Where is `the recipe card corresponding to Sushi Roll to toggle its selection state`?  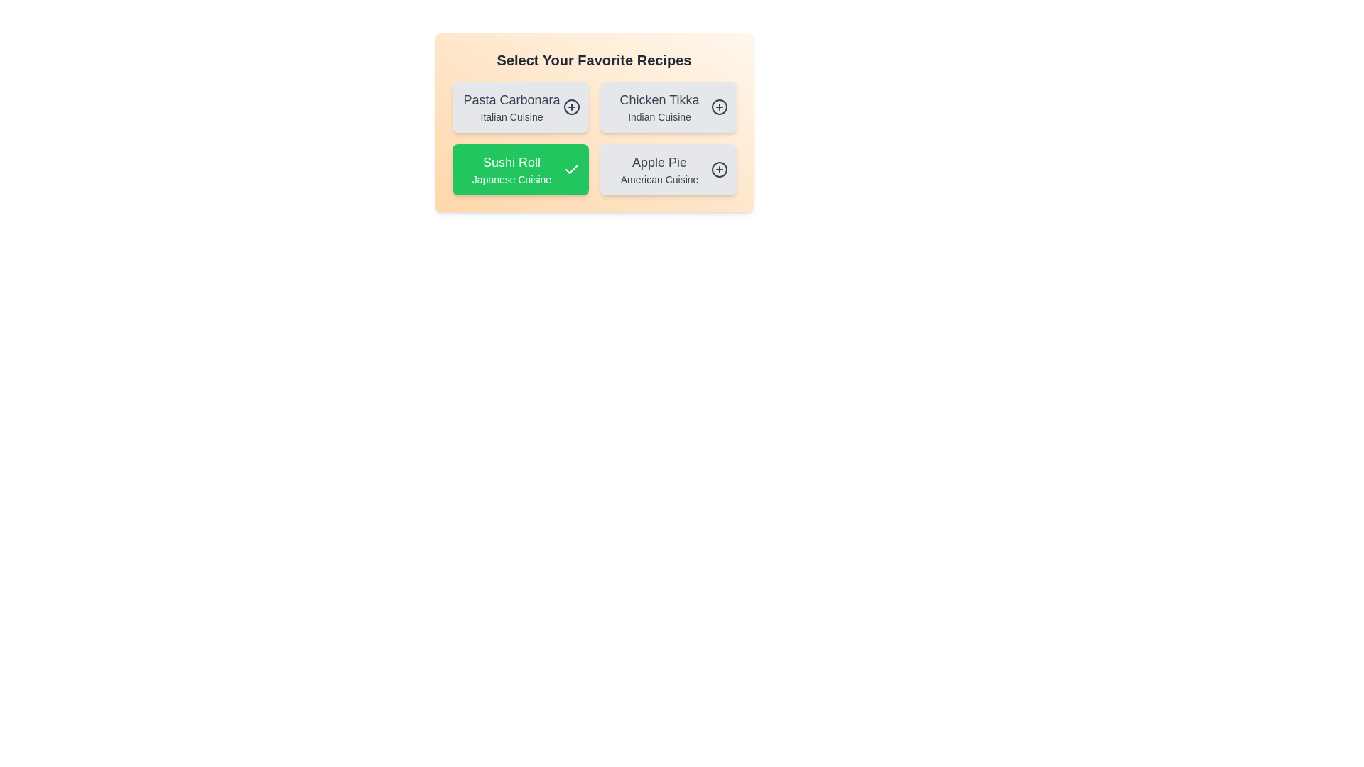
the recipe card corresponding to Sushi Roll to toggle its selection state is located at coordinates (519, 169).